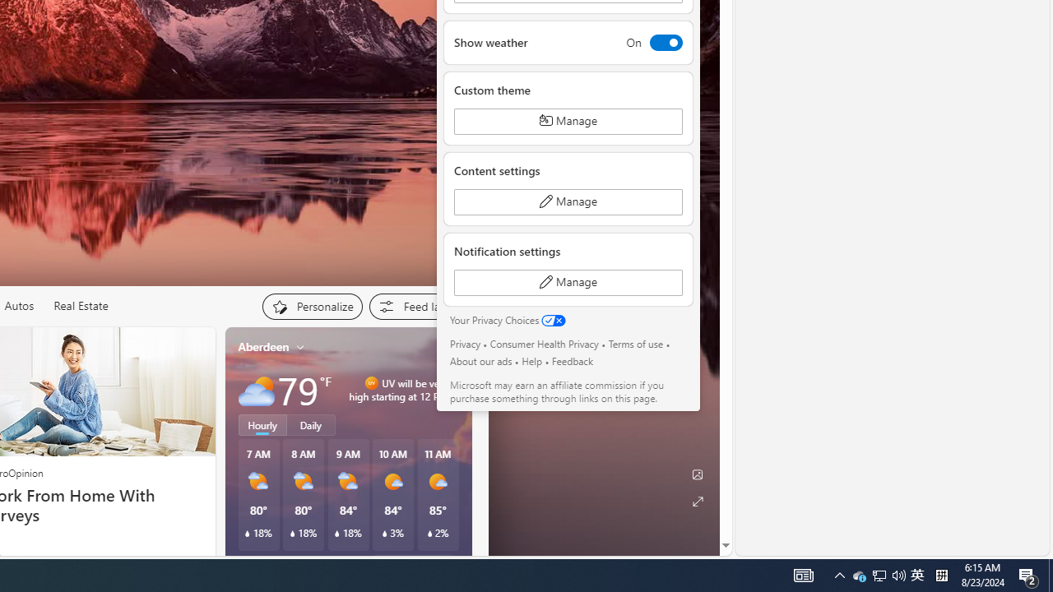 The image size is (1053, 592). Describe the element at coordinates (429, 534) in the screenshot. I see `'Class: weather-current-precipitation-glyph'` at that location.